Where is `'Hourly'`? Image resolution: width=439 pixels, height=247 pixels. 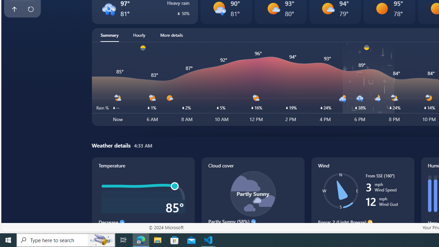 'Hourly' is located at coordinates (139, 35).